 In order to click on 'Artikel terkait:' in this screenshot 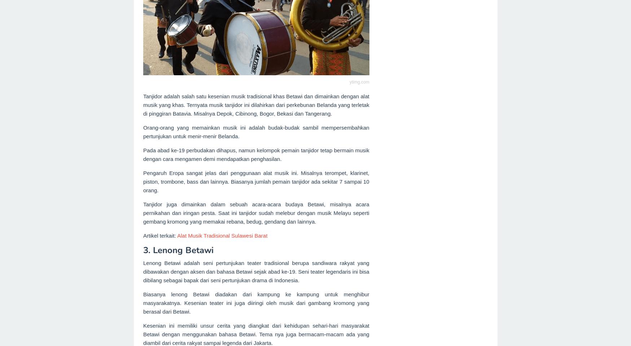, I will do `click(160, 235)`.